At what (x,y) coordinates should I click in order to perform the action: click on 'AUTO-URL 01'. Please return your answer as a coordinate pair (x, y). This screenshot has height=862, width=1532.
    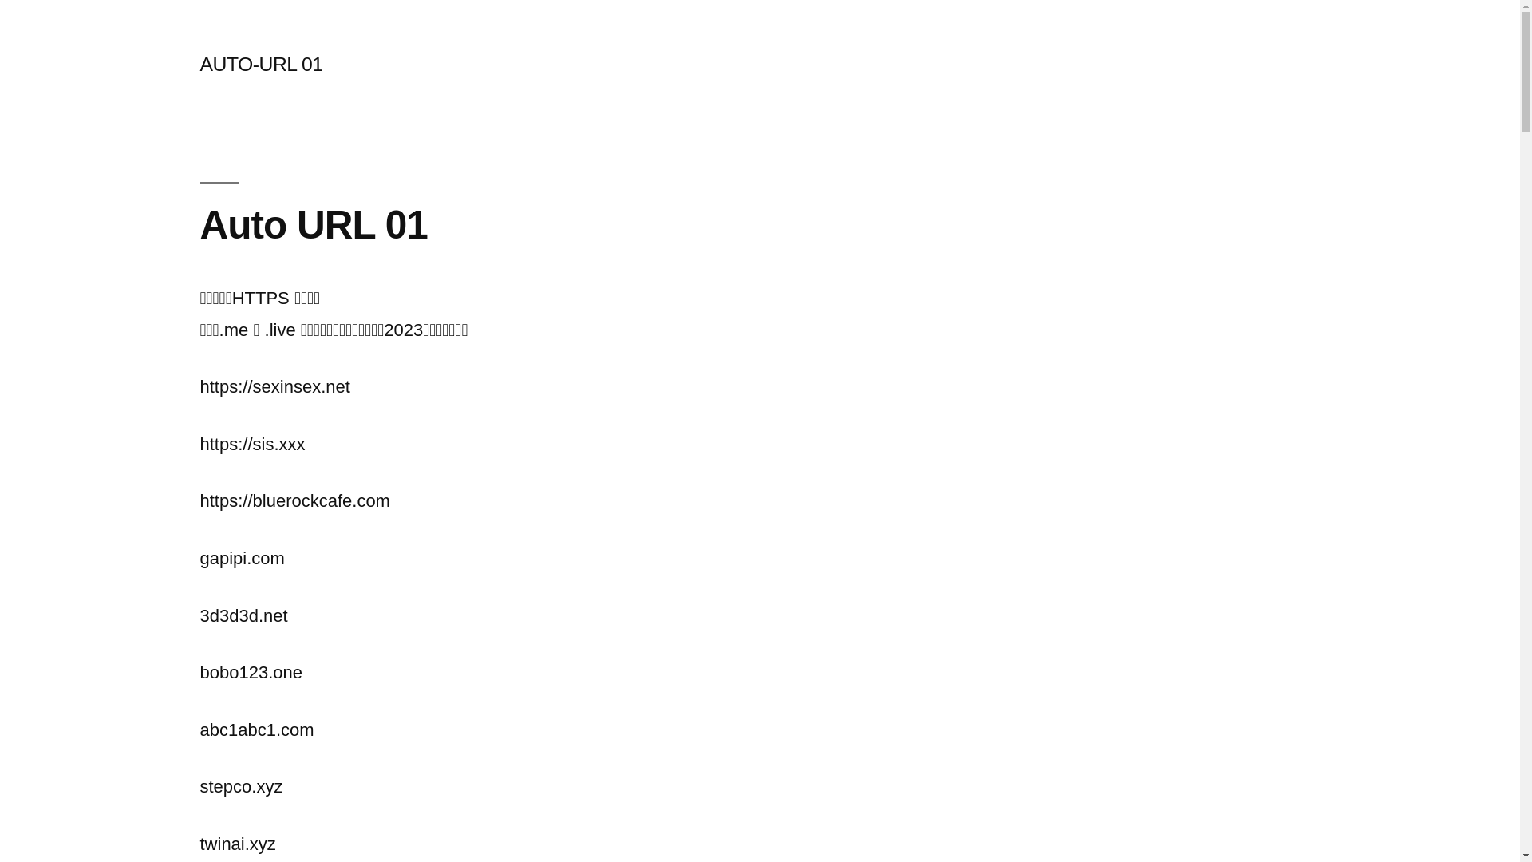
    Looking at the image, I should click on (198, 63).